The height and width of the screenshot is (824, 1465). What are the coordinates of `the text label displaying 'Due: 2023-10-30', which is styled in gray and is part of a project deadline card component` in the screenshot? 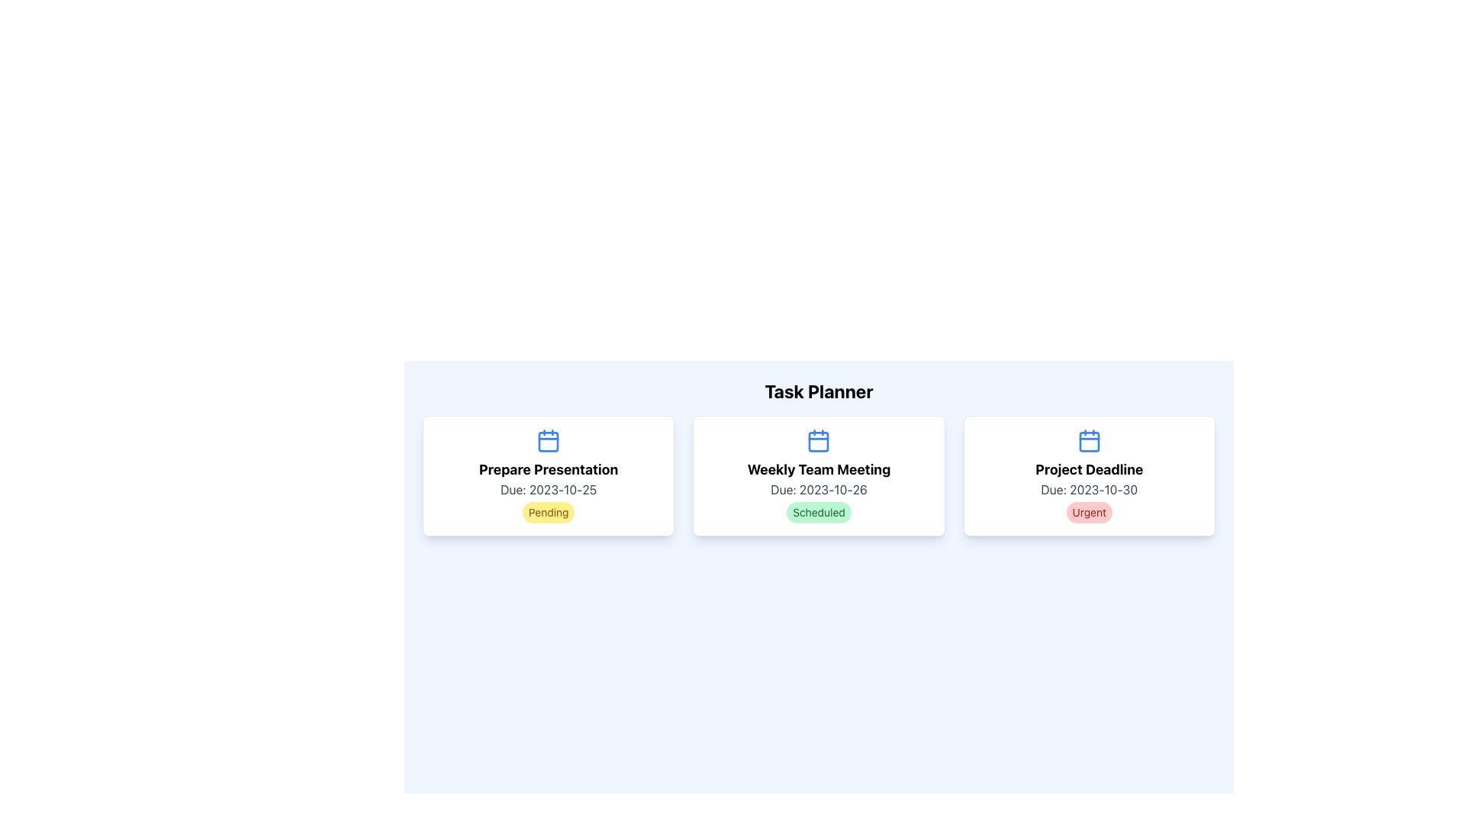 It's located at (1088, 489).